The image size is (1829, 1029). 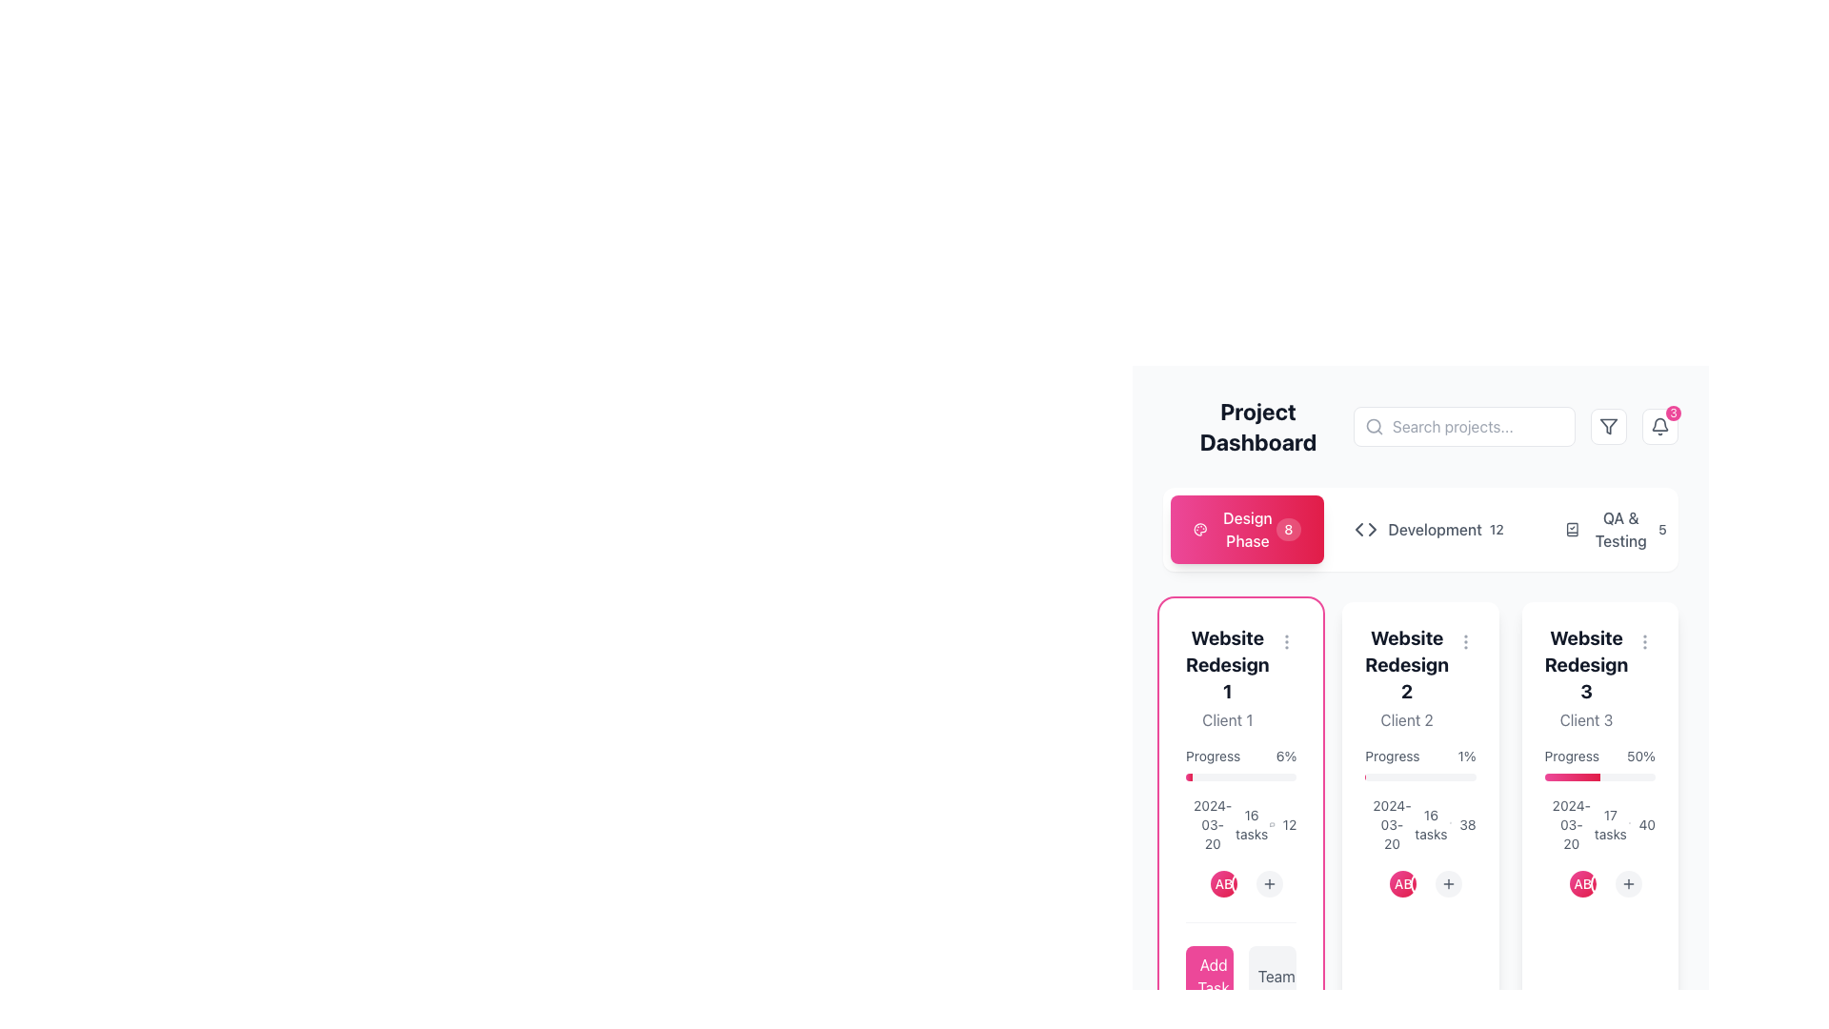 I want to click on the coding symbol icon located to the left of the 'Development' text in the top navigation bar as an indicator, so click(x=1364, y=529).